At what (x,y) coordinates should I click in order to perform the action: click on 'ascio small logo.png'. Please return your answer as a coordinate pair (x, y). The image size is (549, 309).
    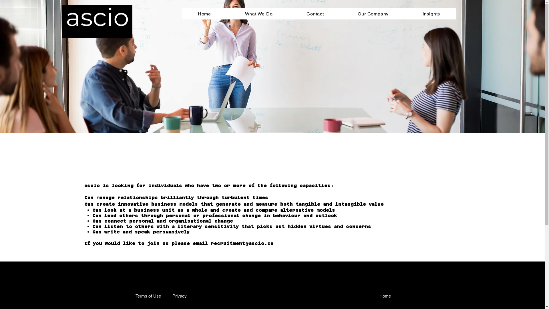
    Looking at the image, I should click on (97, 21).